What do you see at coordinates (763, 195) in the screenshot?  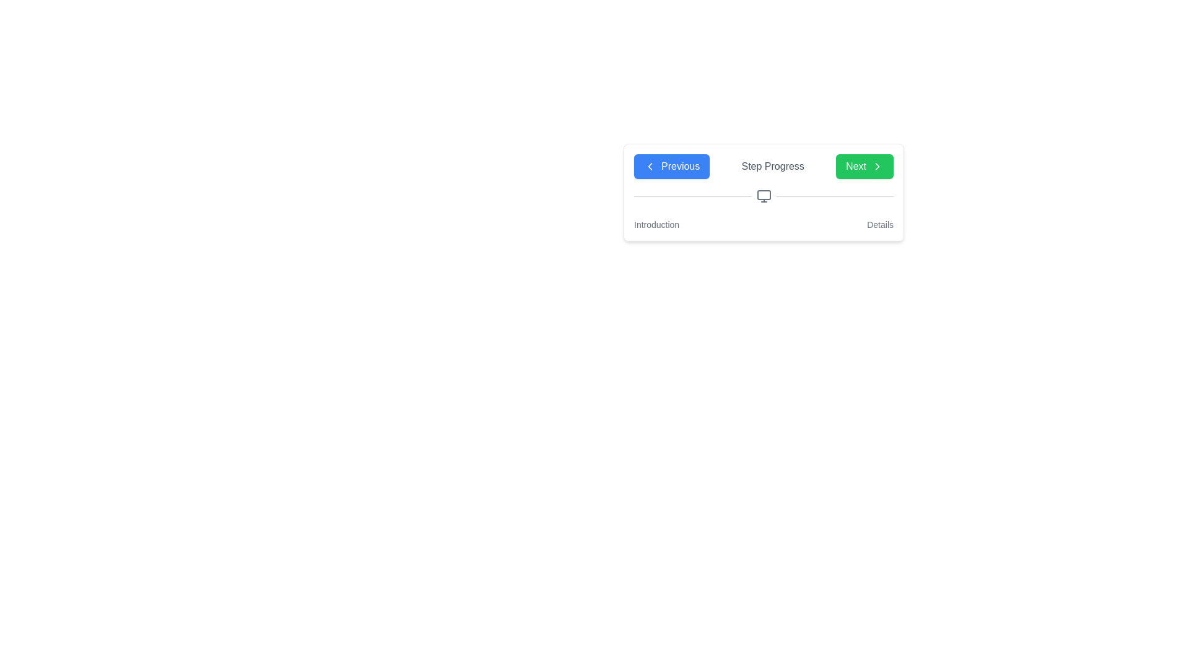 I see `the small rectangular shape with rounded corners, styled with a gray outline, located within the computer monitor icon in the 'Step Progress' section` at bounding box center [763, 195].